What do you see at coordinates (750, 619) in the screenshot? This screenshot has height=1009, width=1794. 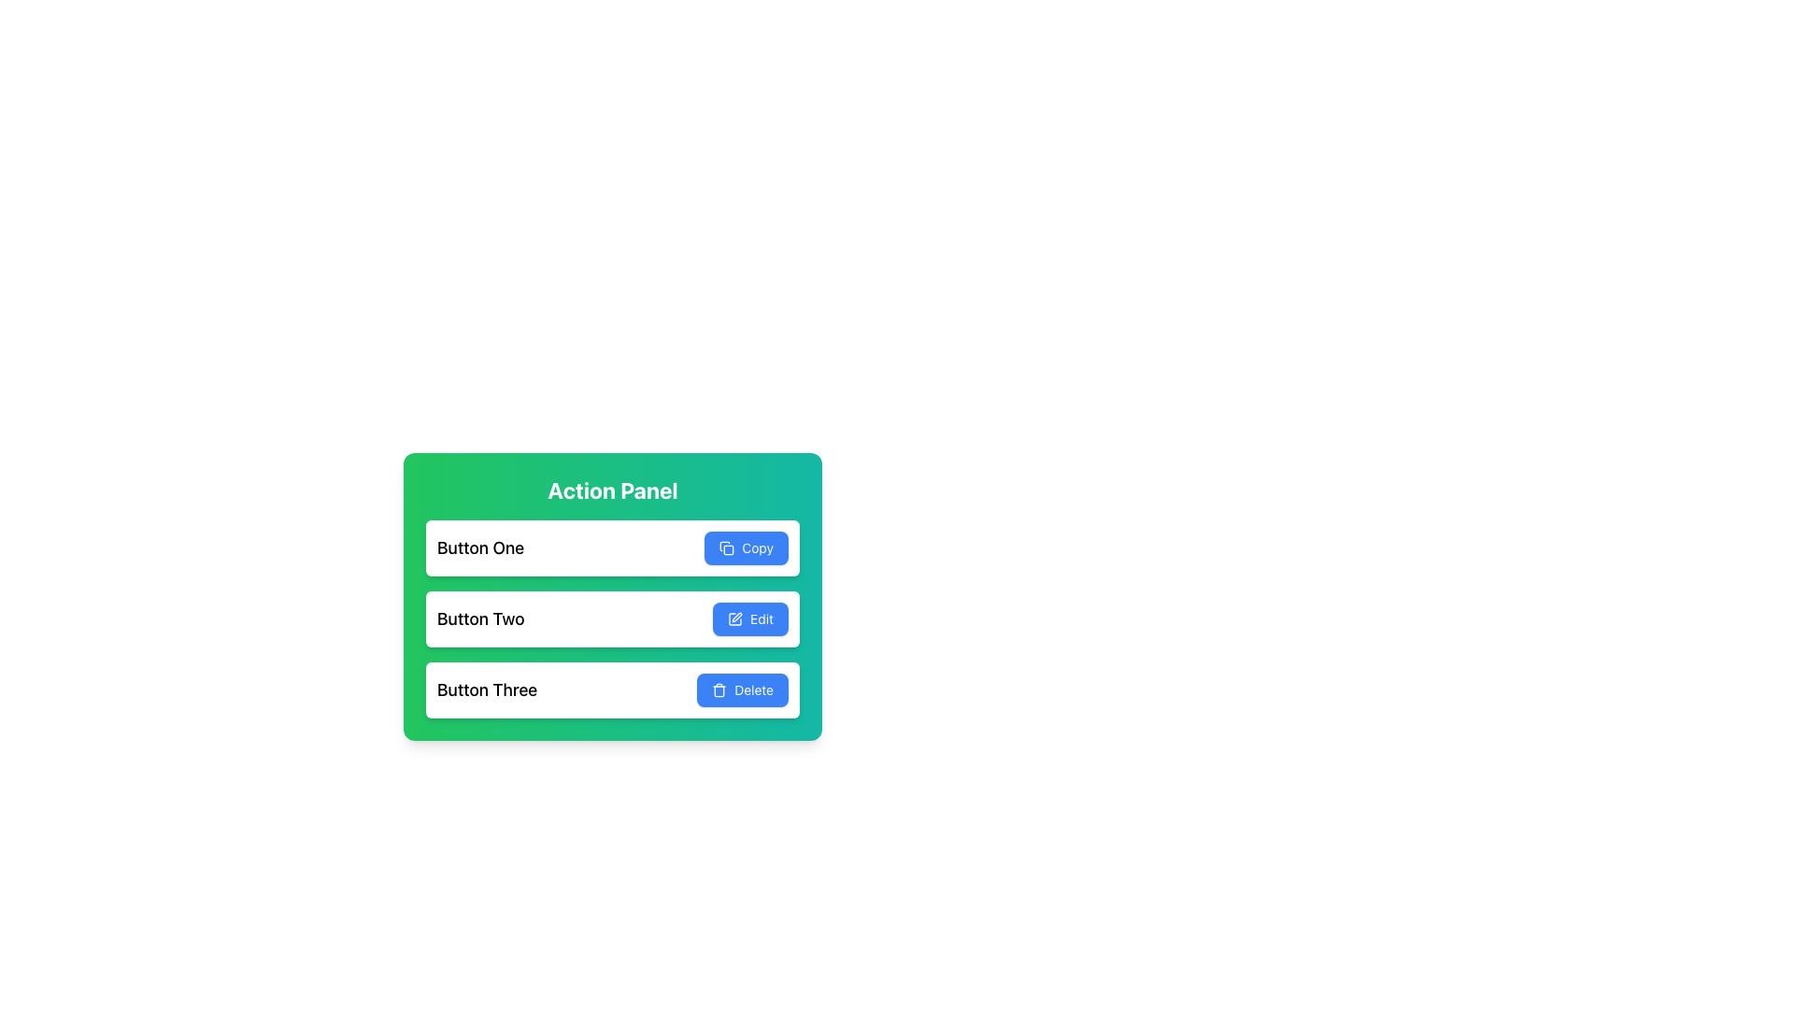 I see `the edit button located to the right of the text 'Button Two' in the second row of the list, which triggers the edit operation for the associated content` at bounding box center [750, 619].